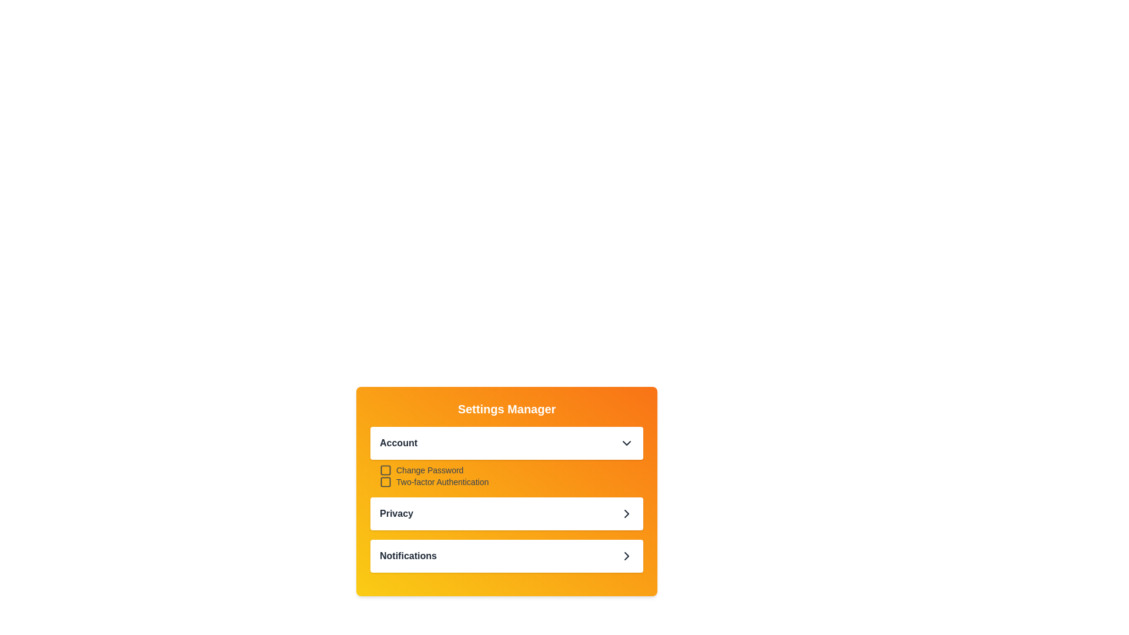 Image resolution: width=1129 pixels, height=635 pixels. I want to click on the Chevron icon in the Notifications section of the Settings Manager, so click(626, 556).